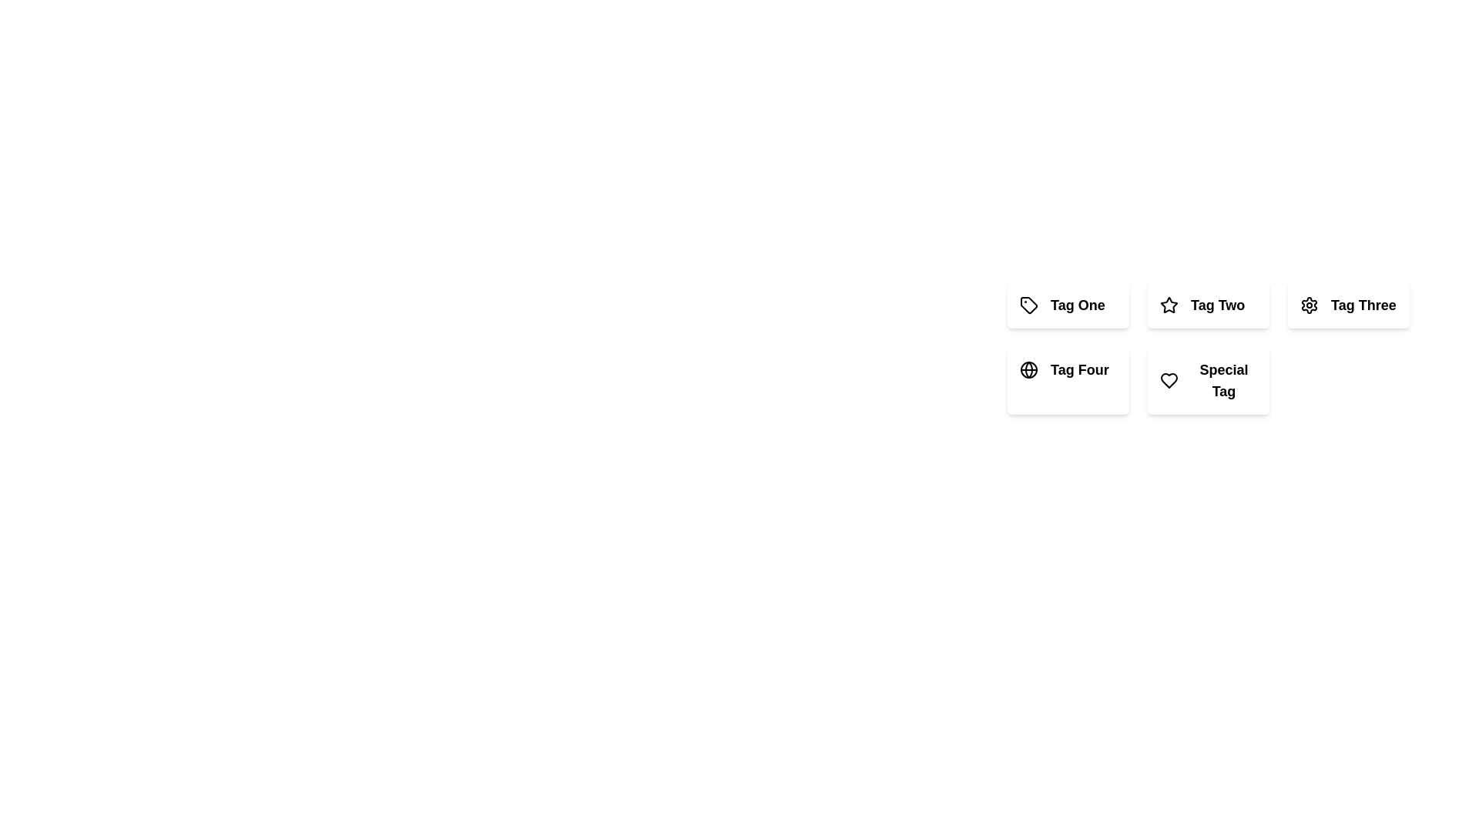 This screenshot has height=831, width=1479. What do you see at coordinates (1169, 380) in the screenshot?
I see `the 'Special Tag' button that contains the decorative icon, which is positioned to the left of the label text` at bounding box center [1169, 380].